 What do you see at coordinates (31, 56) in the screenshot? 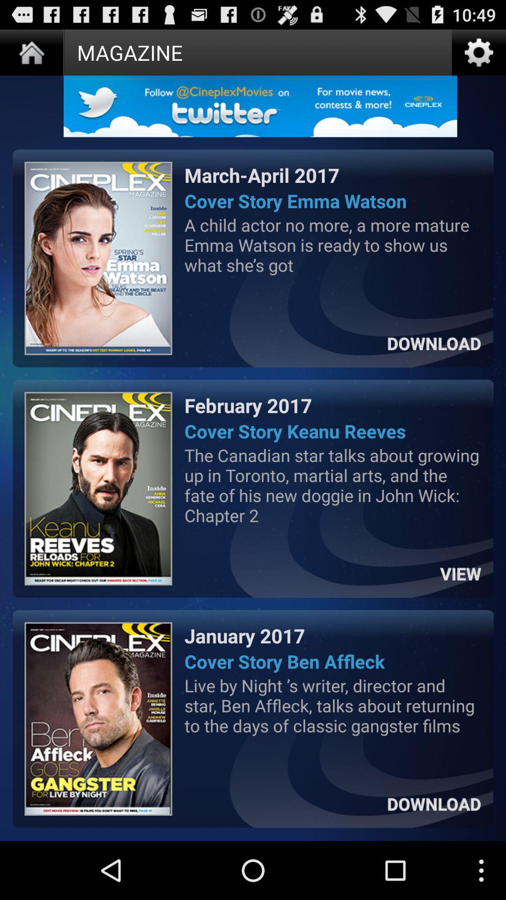
I see `the home icon` at bounding box center [31, 56].